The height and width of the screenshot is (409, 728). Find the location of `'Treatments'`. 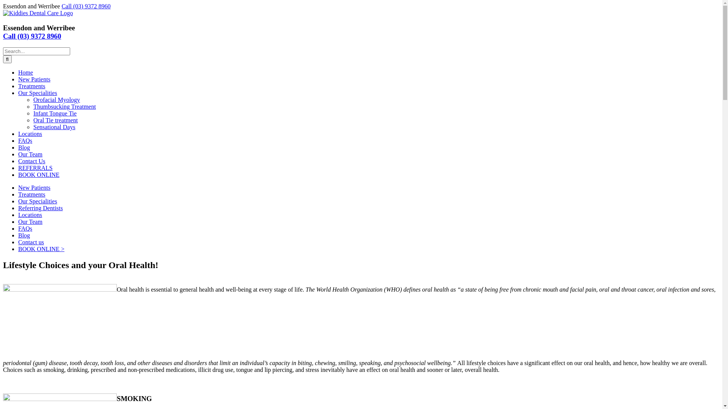

'Treatments' is located at coordinates (31, 194).